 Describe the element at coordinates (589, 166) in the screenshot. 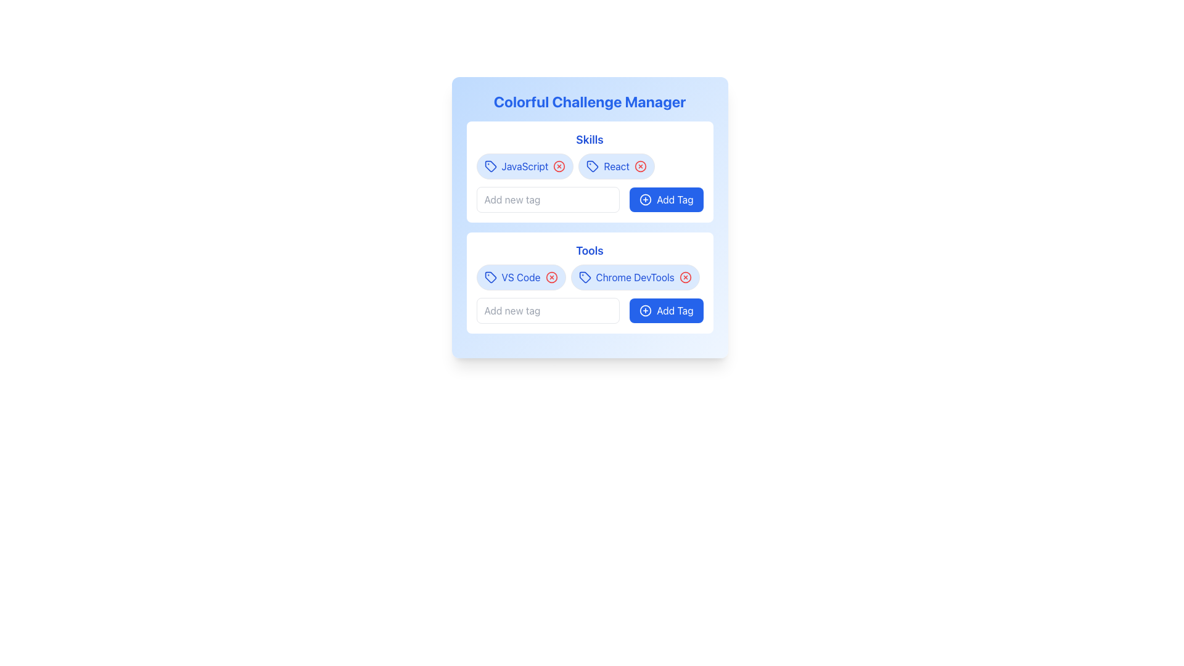

I see `the group of removable skills tags located below the 'Skills' title text, which contains two badges in a horizontal layout` at that location.